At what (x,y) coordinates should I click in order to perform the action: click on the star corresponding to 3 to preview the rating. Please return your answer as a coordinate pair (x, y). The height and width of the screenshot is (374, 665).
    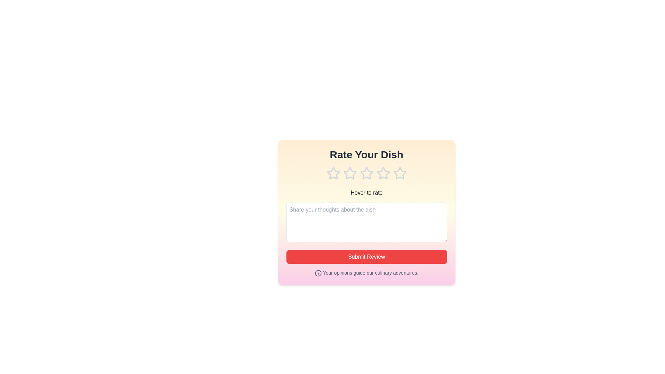
    Looking at the image, I should click on (366, 173).